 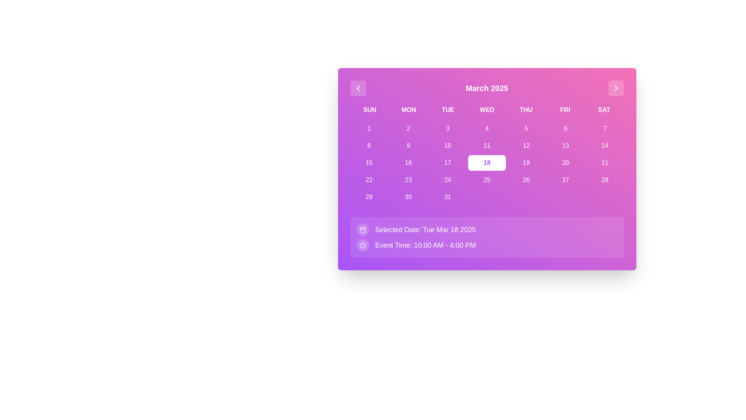 I want to click on the 27th day button in the calendar widget, so click(x=565, y=180).